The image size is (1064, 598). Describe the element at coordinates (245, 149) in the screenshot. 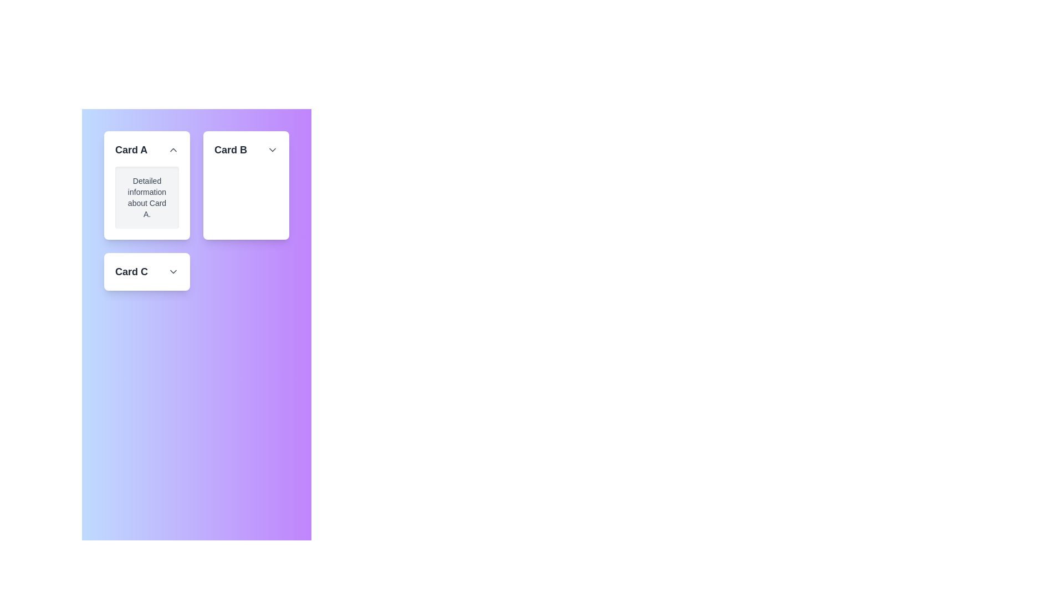

I see `the displayed text of the static text header located at the top center of the white card` at that location.